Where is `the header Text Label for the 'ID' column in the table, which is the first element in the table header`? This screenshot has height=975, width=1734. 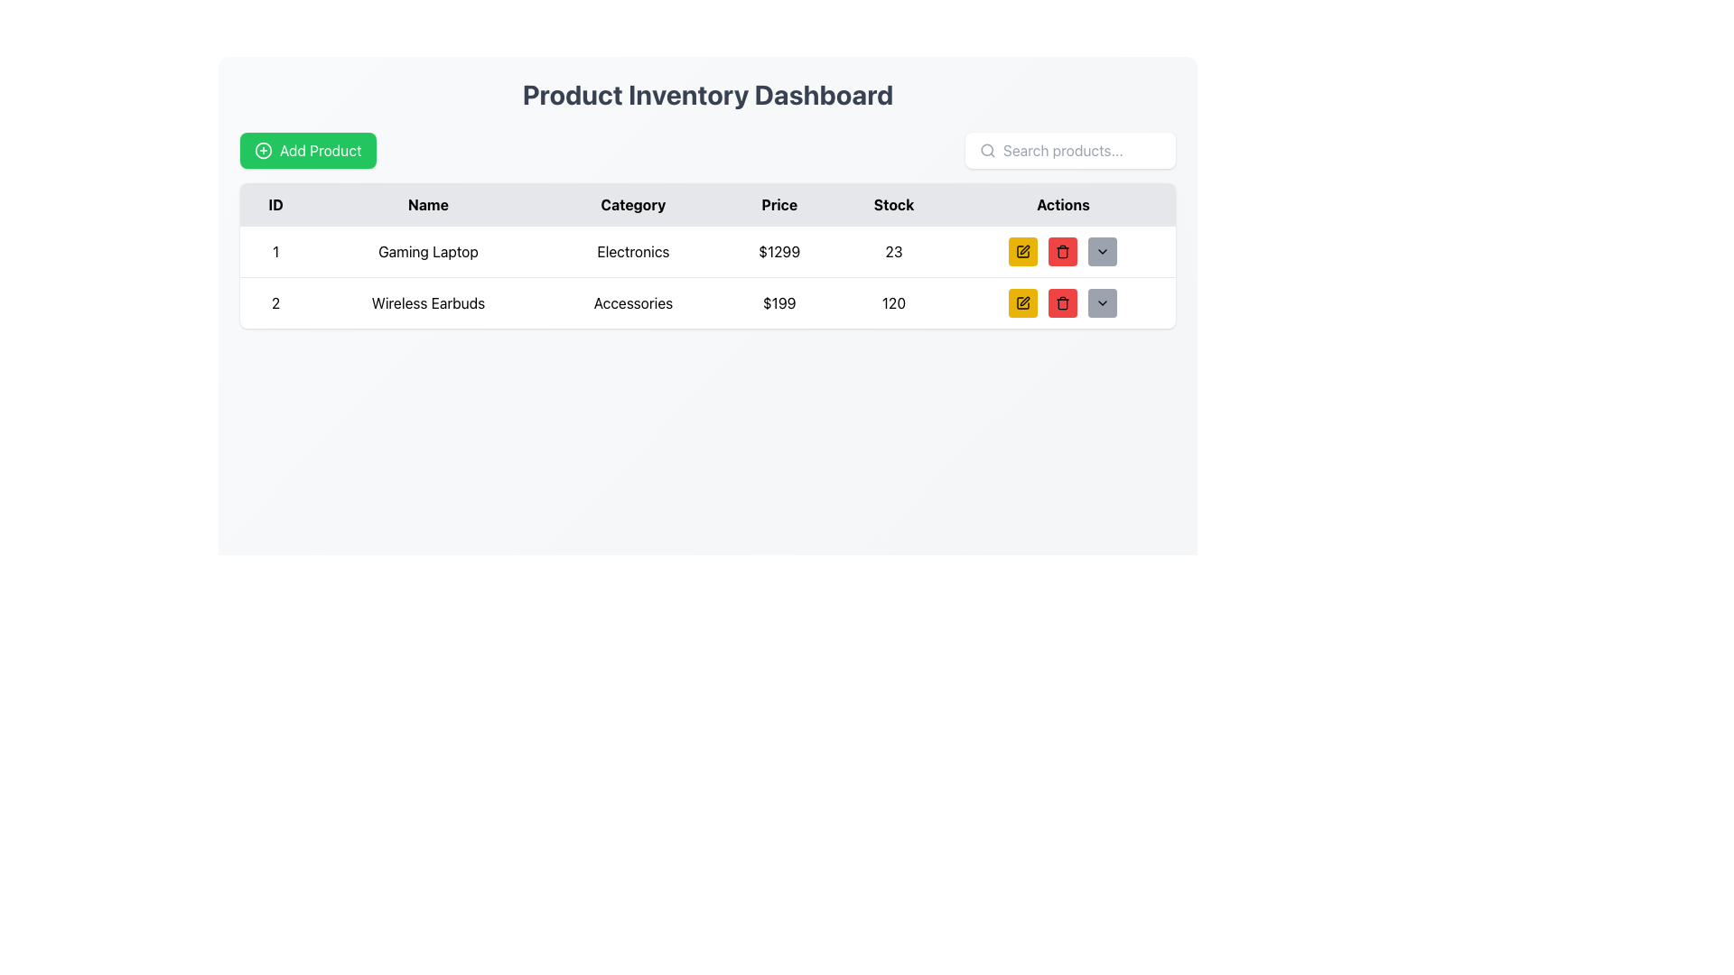 the header Text Label for the 'ID' column in the table, which is the first element in the table header is located at coordinates (275, 204).